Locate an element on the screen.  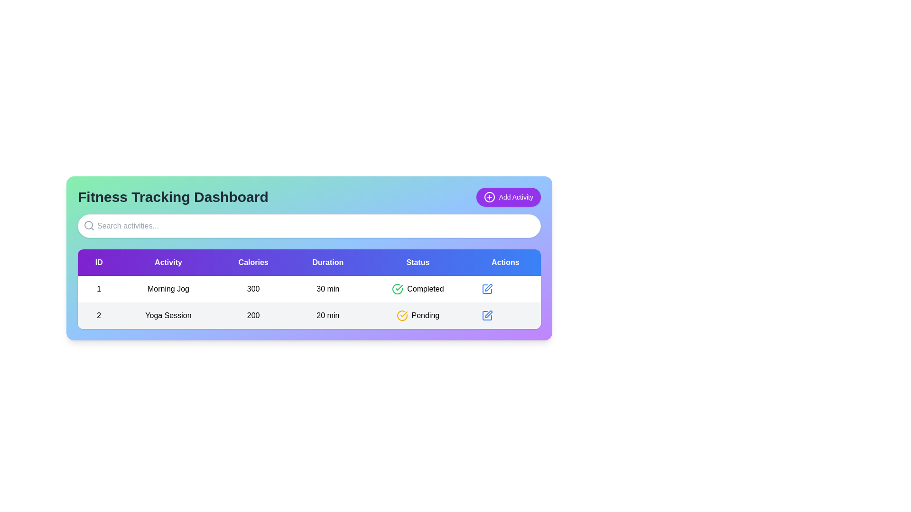
the pending status icon located to the left of the 'Pending' text in the 'Status' column of the second row in the data table is located at coordinates (402, 316).